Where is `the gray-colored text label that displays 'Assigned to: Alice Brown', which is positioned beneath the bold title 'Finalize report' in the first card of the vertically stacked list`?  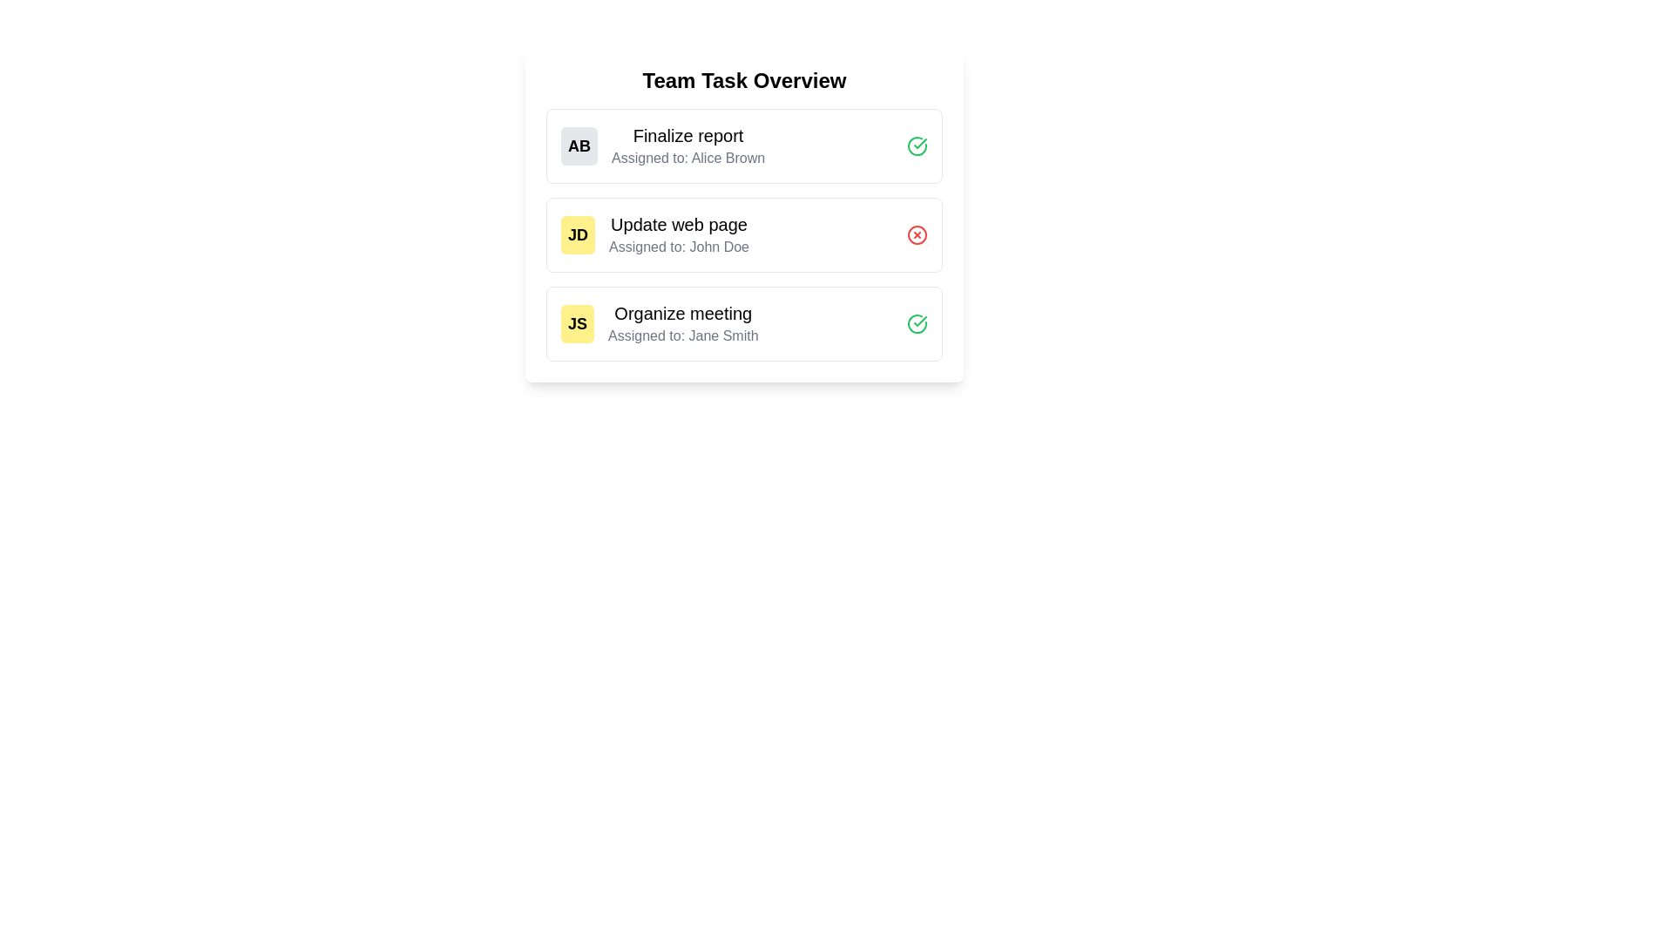 the gray-colored text label that displays 'Assigned to: Alice Brown', which is positioned beneath the bold title 'Finalize report' in the first card of the vertically stacked list is located at coordinates (687, 158).